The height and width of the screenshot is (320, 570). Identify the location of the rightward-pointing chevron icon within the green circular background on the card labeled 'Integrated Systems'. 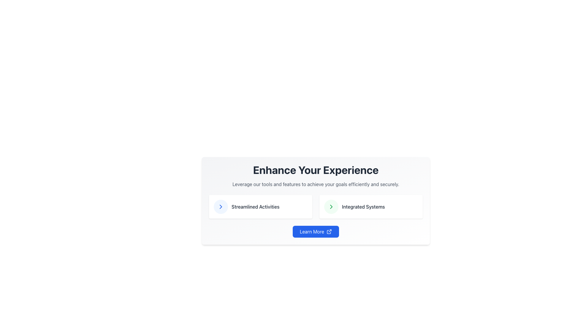
(331, 207).